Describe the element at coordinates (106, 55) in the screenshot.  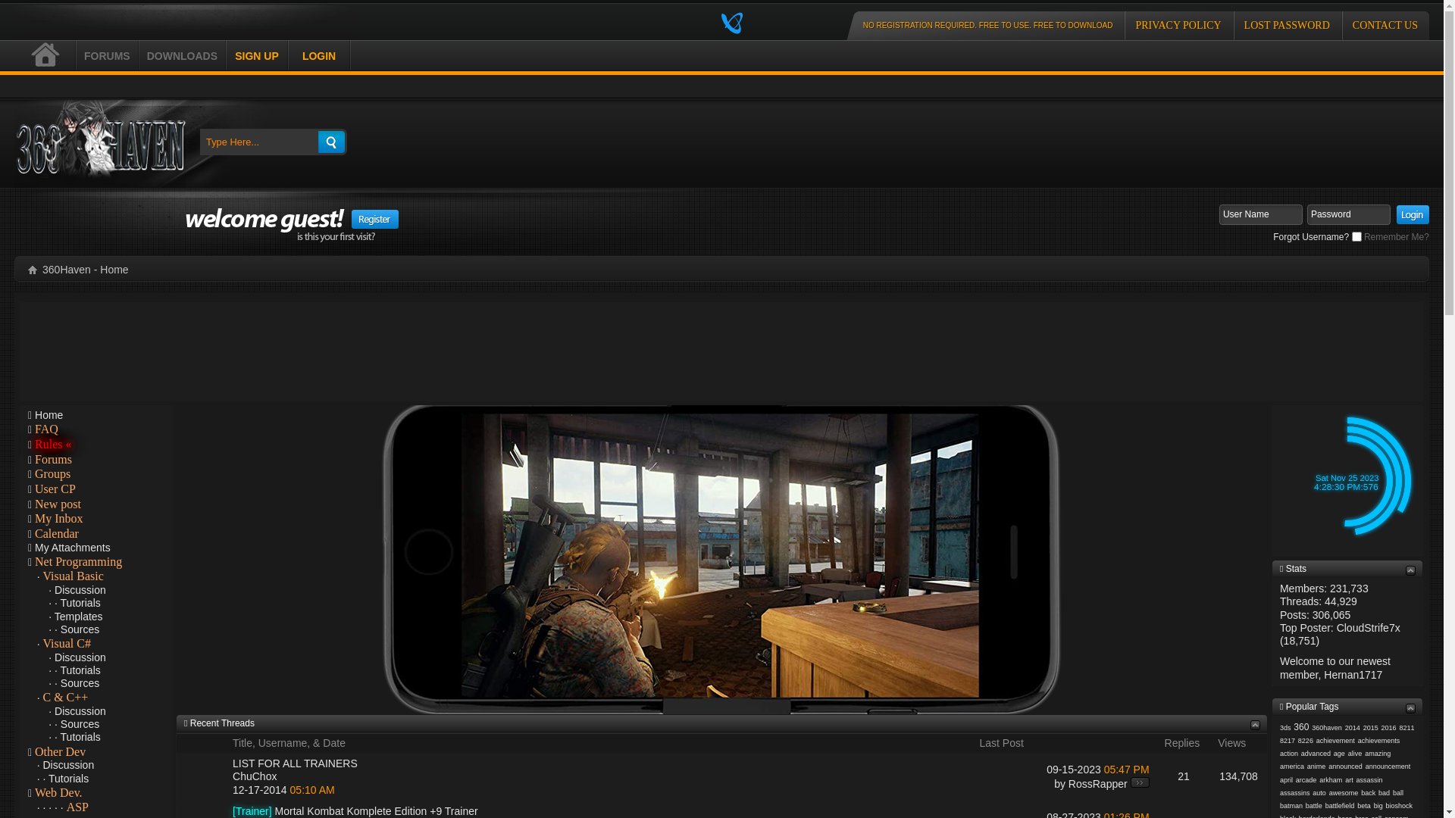
I see `'FORUMS'` at that location.